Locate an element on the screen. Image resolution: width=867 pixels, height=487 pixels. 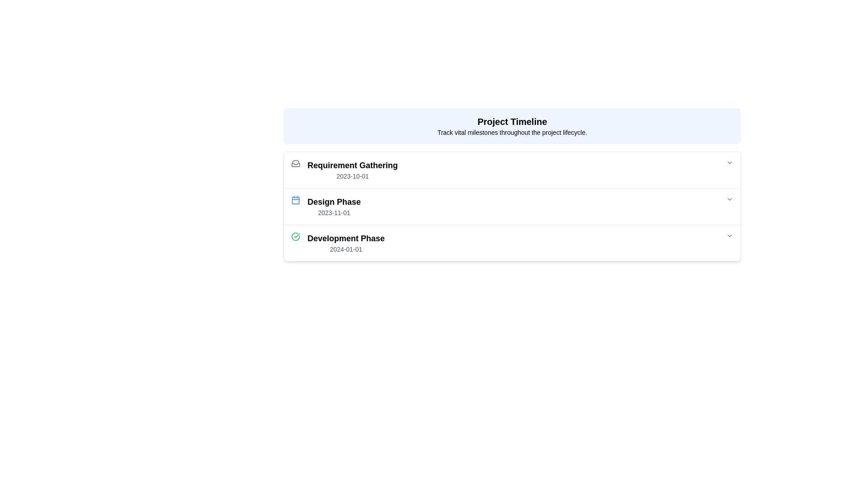
the Text Label that provides information about the date associated with the 'Design Phase', located directly below the 'Design Phase' label in the second section of a vertical list is located at coordinates (333, 212).